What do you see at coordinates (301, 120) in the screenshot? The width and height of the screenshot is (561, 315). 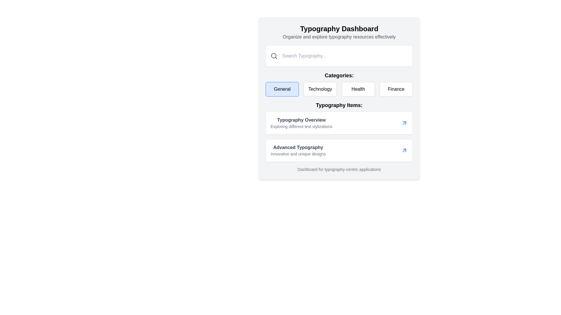 I see `the text element displaying 'Typography Overview'` at bounding box center [301, 120].